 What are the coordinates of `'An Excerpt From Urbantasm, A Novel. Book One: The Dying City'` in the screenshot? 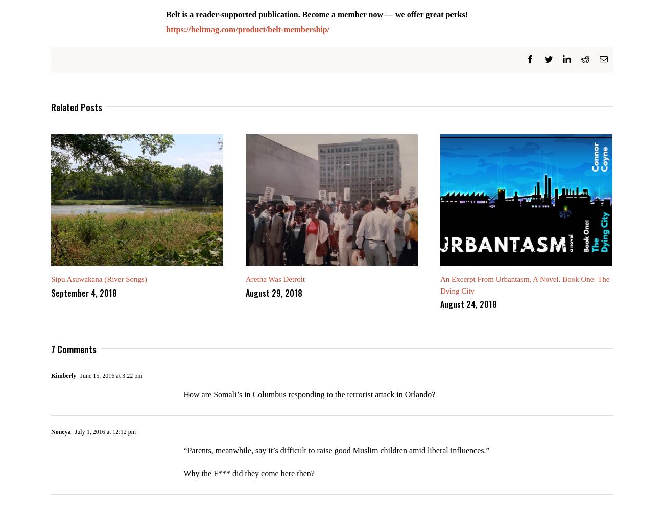 It's located at (524, 291).